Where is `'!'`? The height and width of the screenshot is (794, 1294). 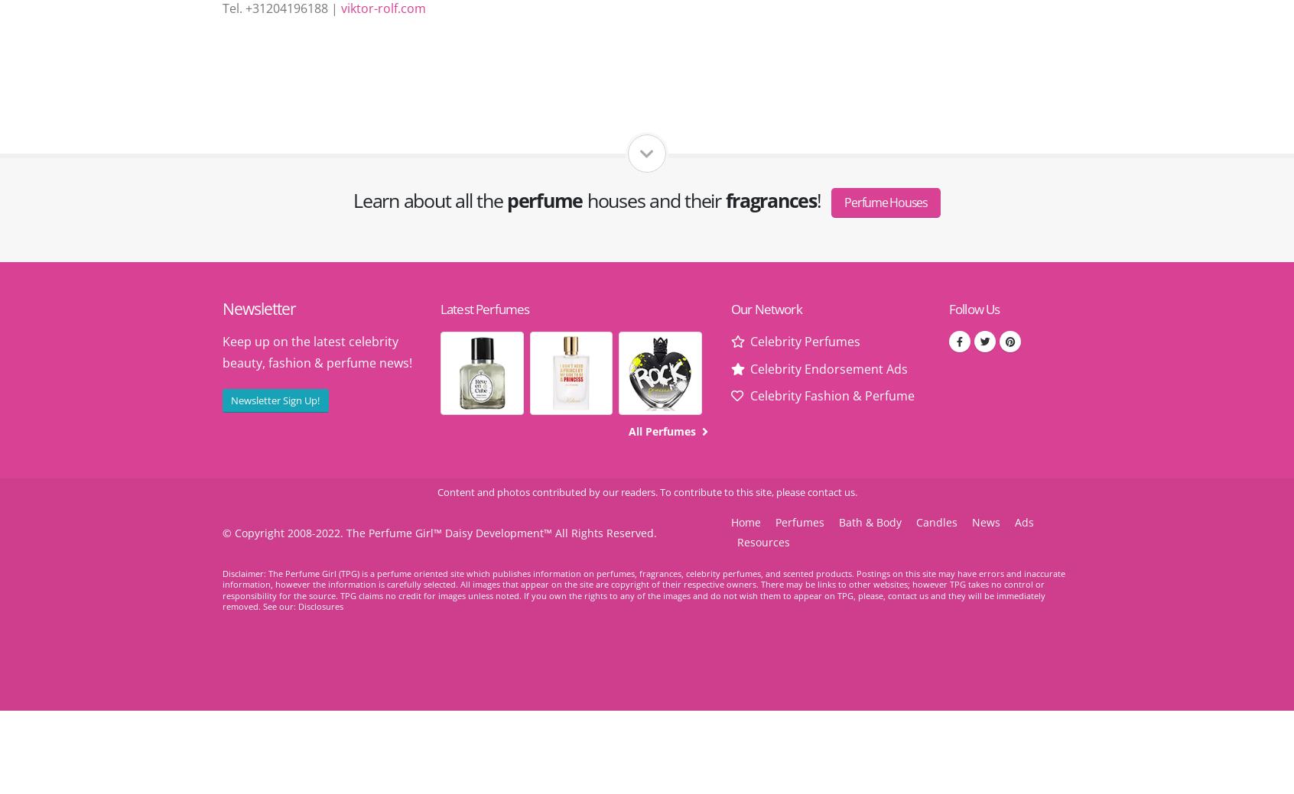
'!' is located at coordinates (821, 200).